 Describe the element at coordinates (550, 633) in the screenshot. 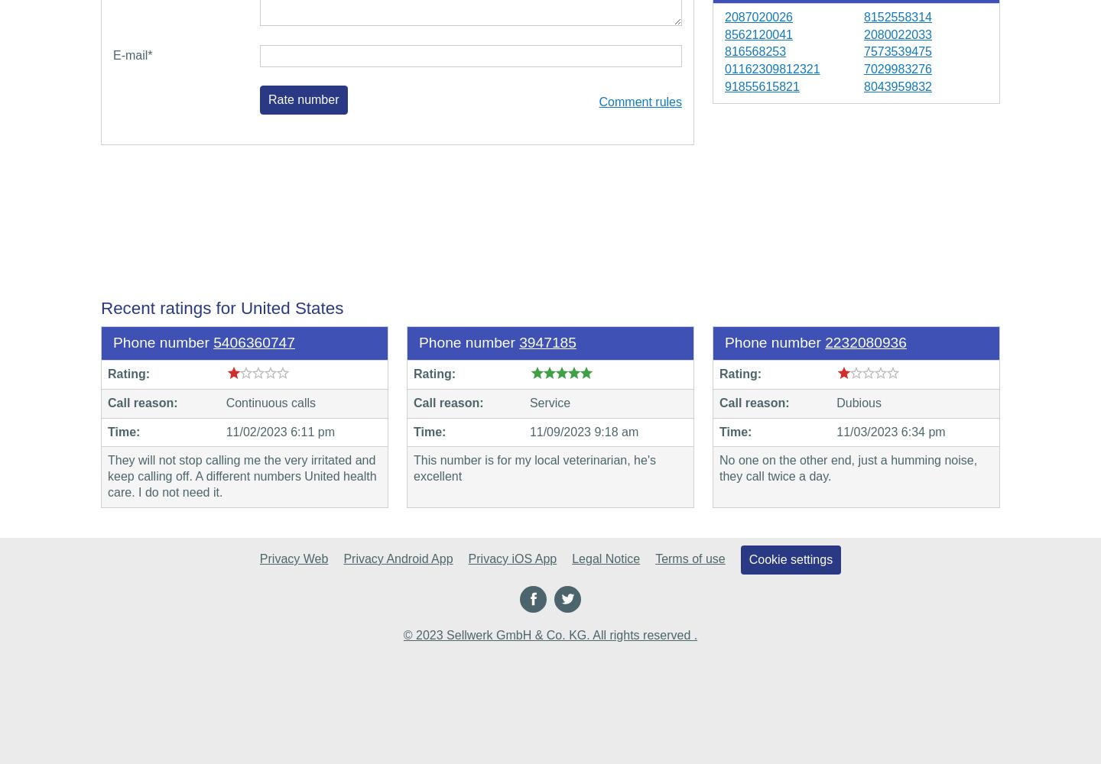

I see `'© 2023 Sellwerk GmbH & Co. KG. All rights reserved .'` at that location.